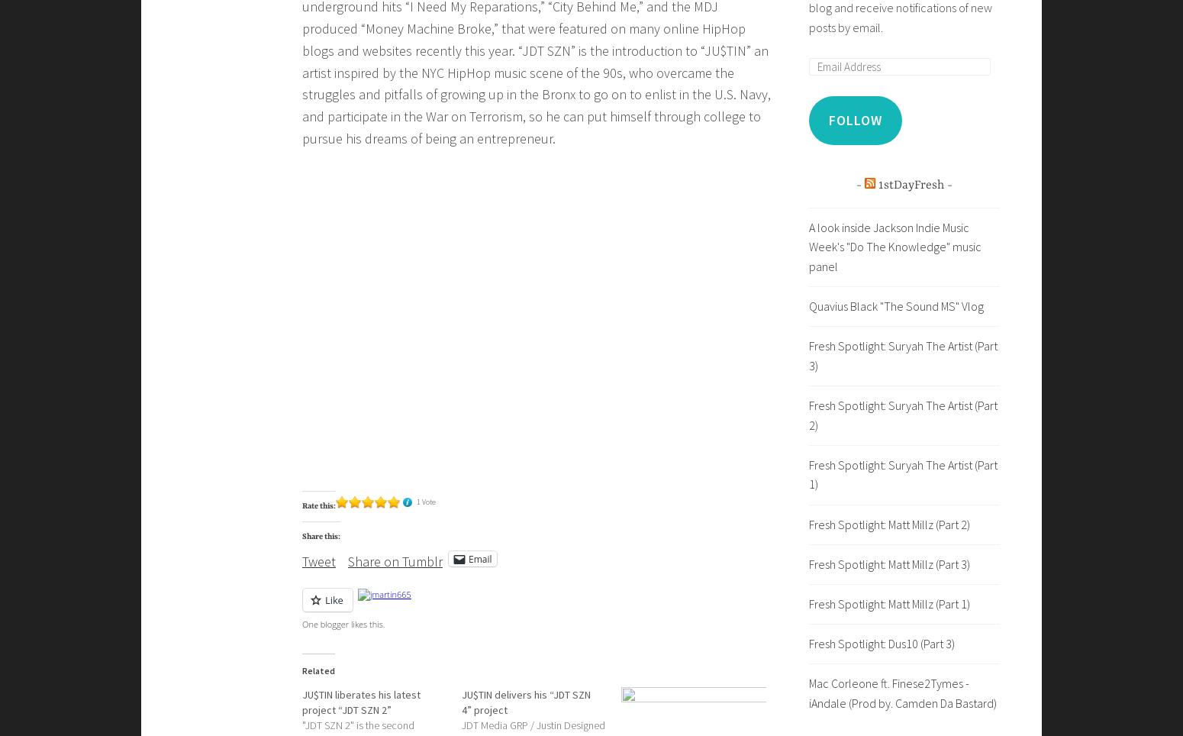 The width and height of the screenshot is (1183, 736). I want to click on 'Fresh Spotlight: Suryah The Artist (Part 3)', so click(903, 355).